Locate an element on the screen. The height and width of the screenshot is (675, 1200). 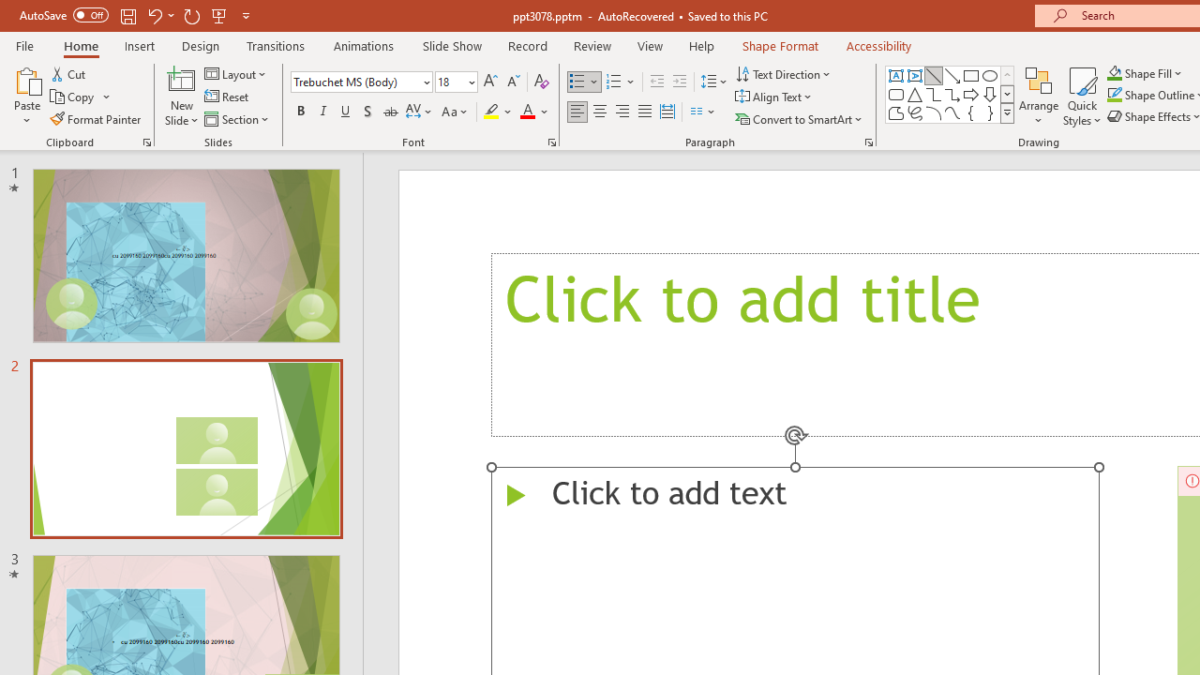
'Strikethrough' is located at coordinates (389, 112).